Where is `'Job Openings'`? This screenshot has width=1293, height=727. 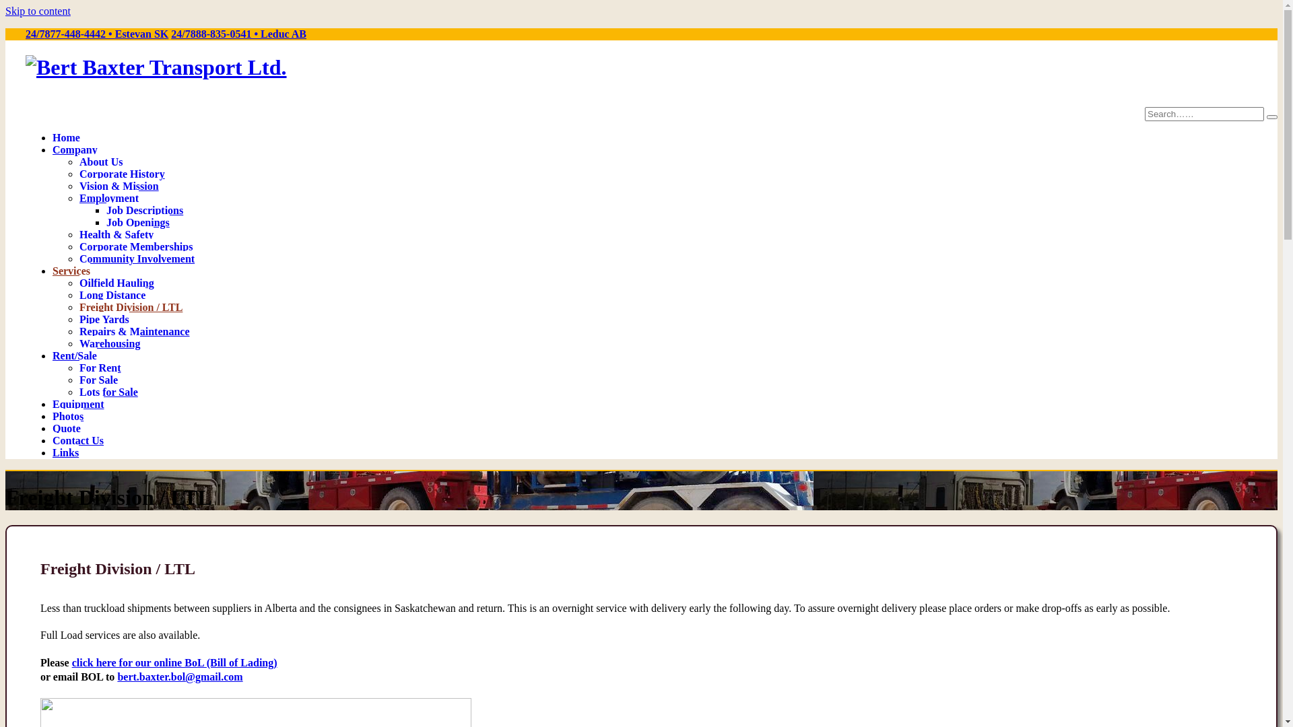 'Job Openings' is located at coordinates (138, 220).